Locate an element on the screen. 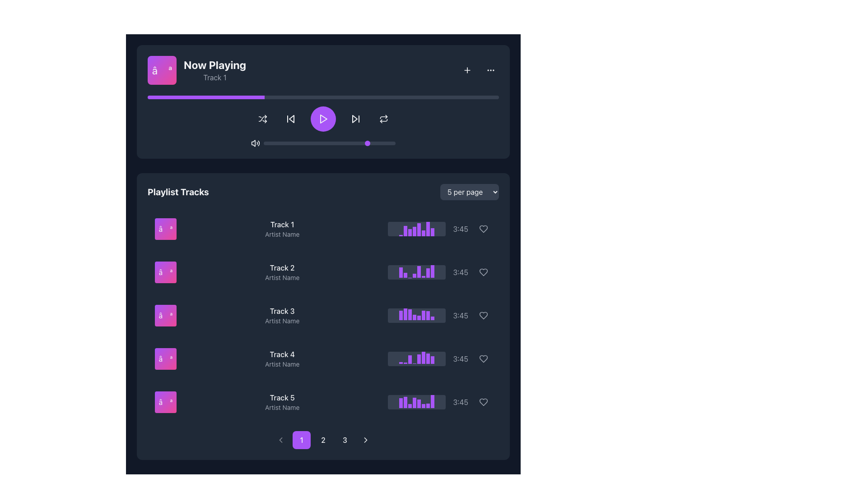 The width and height of the screenshot is (867, 487). the seventh graphical bar representing metrics for 'Track 2' in the bar graph is located at coordinates (428, 272).